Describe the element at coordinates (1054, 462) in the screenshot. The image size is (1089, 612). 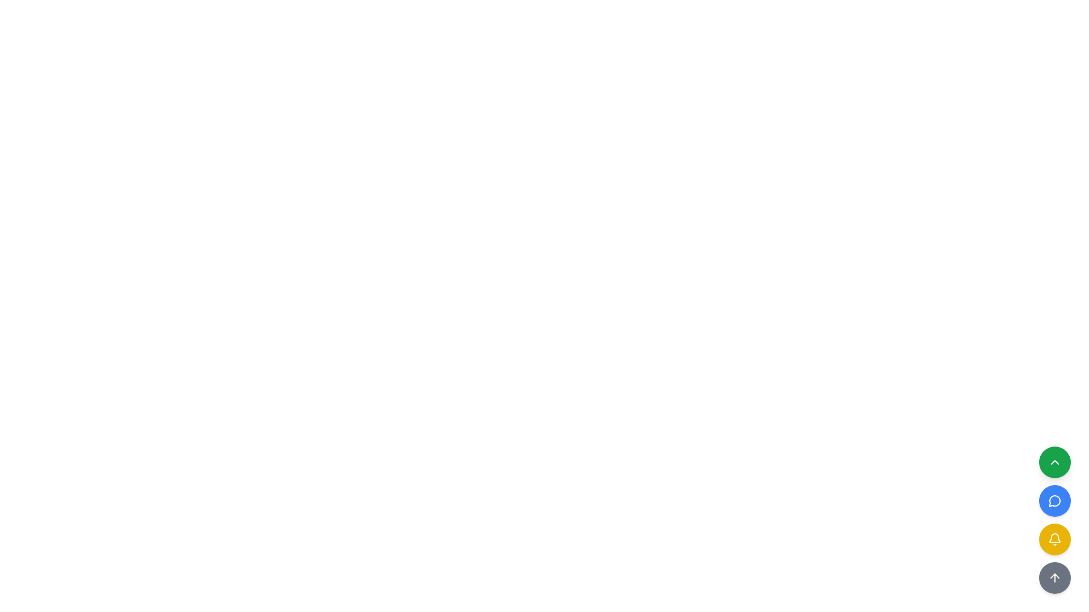
I see `the topmost circular button in the bottom-right corner of the interface to scroll back to the top of the page` at that location.